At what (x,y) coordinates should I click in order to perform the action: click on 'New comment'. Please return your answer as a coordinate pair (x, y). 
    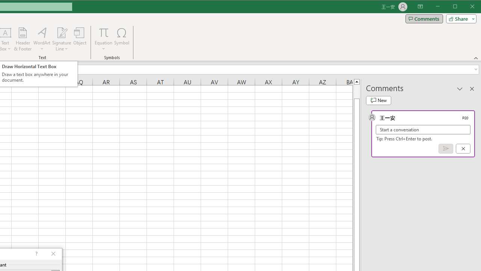
    Looking at the image, I should click on (378, 100).